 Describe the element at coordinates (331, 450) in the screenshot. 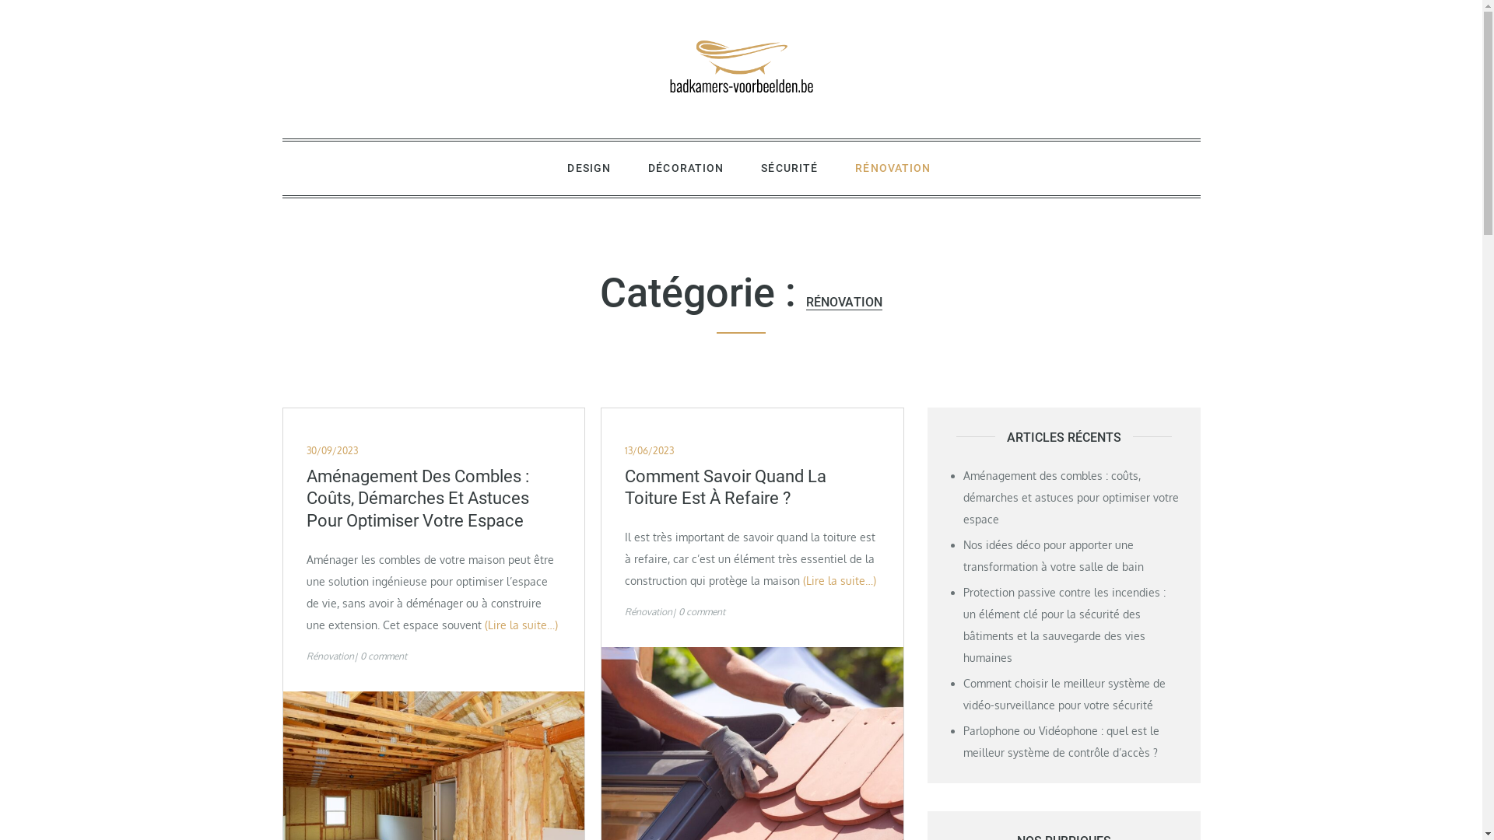

I see `'30/09/2023'` at that location.